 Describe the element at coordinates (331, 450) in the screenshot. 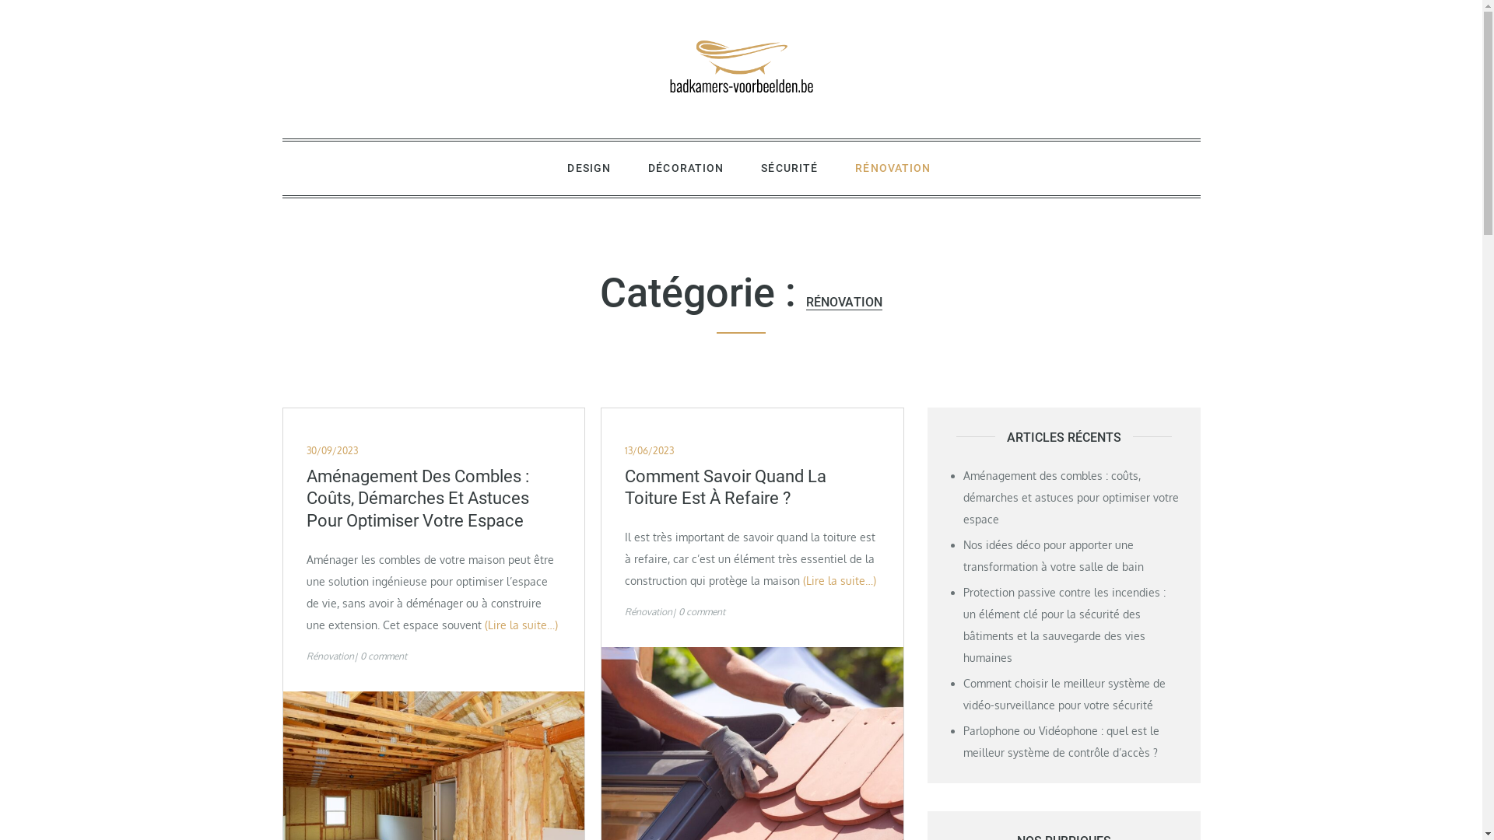

I see `'30/09/2023'` at that location.